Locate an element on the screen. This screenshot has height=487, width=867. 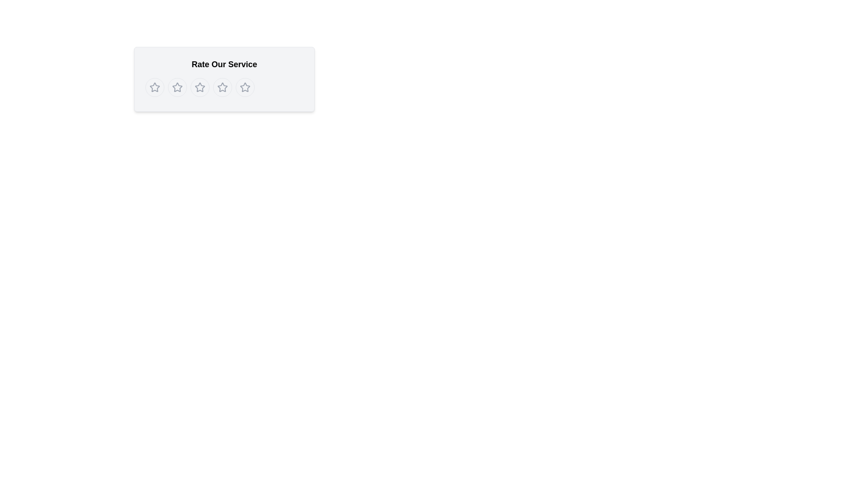
the fifth star icon with a gray outline located at the rightmost position of a horizontal row of star icons under the 'Rate Our Service' heading is located at coordinates (245, 87).